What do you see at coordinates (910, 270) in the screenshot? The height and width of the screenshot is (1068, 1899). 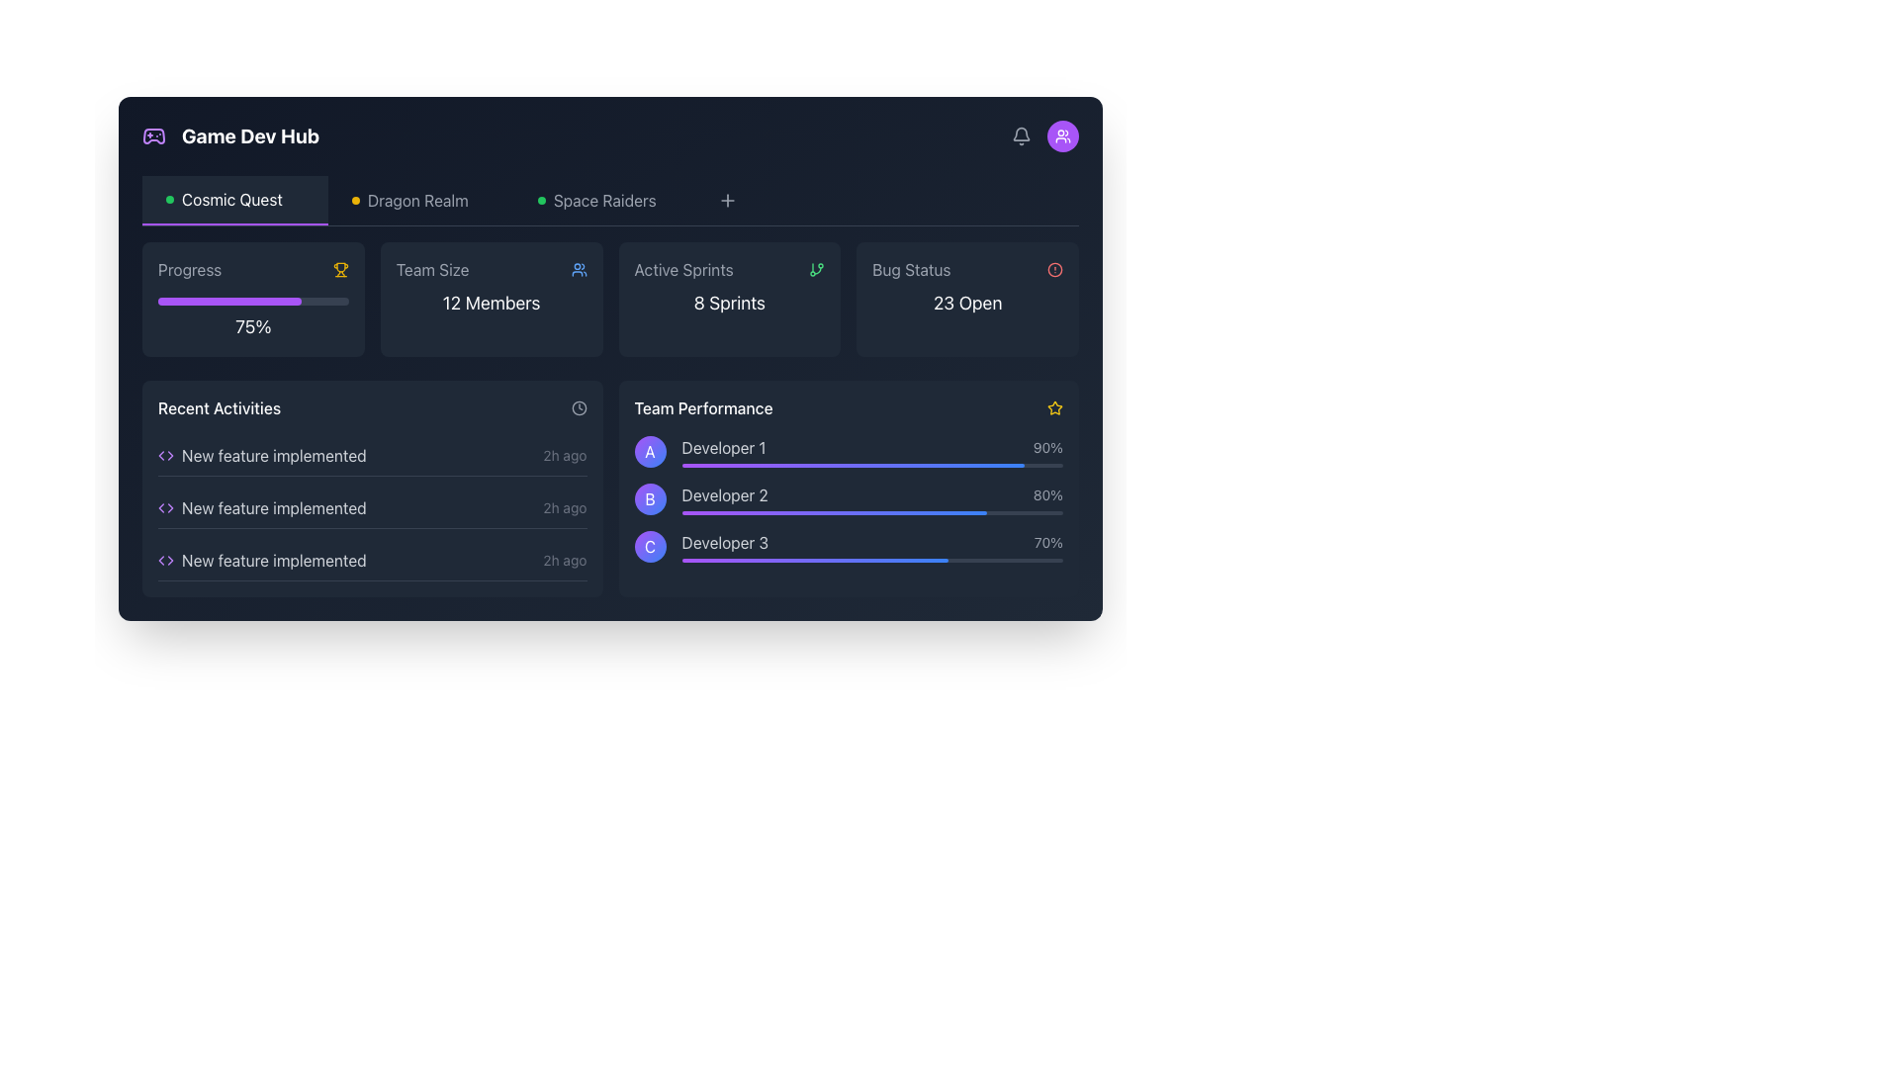 I see `the 'Bug Status' label text which is displayed in light gray color against a dark background, located in the top-right section of the card within the dashboard` at bounding box center [910, 270].